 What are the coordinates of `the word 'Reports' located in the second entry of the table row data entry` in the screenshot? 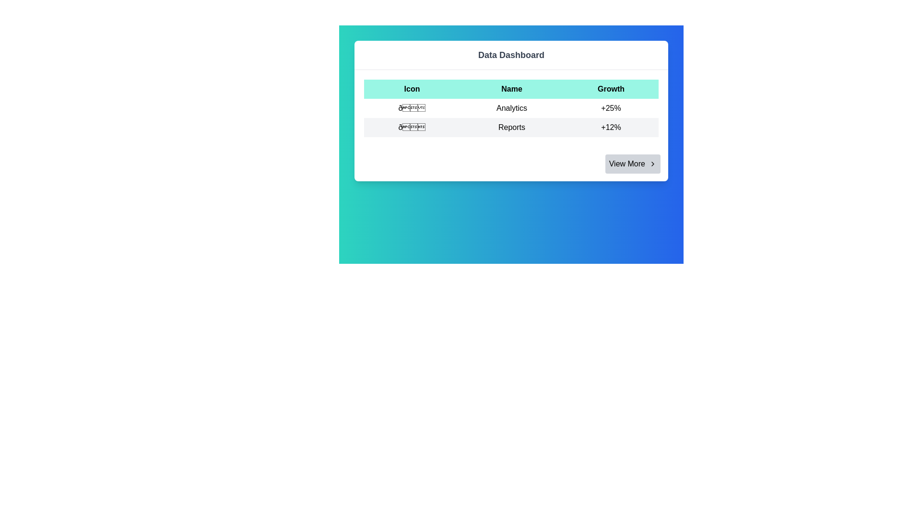 It's located at (510, 127).